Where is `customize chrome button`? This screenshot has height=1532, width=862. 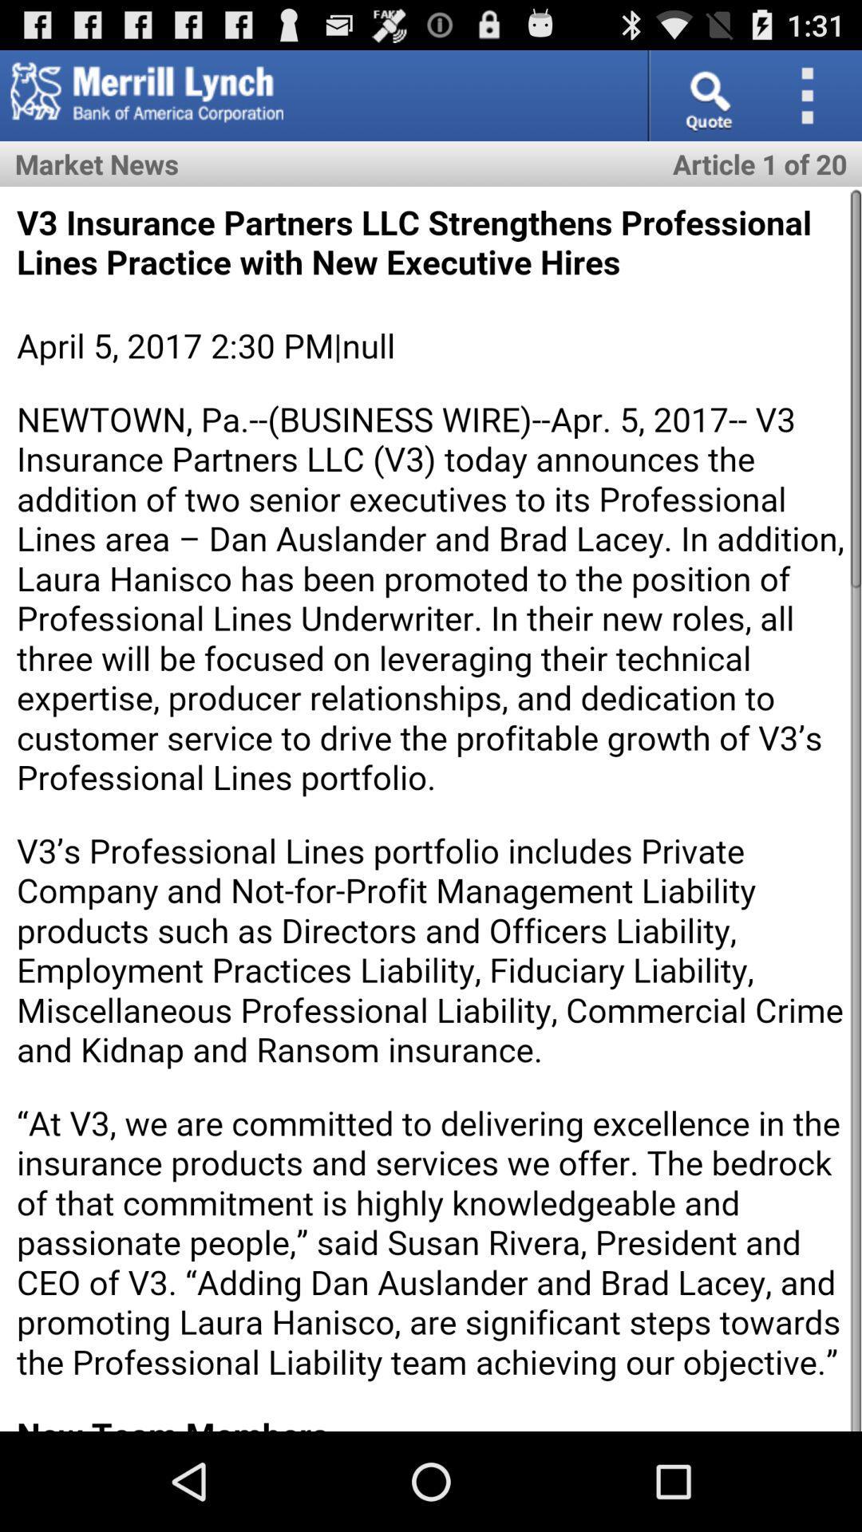
customize chrome button is located at coordinates (813, 95).